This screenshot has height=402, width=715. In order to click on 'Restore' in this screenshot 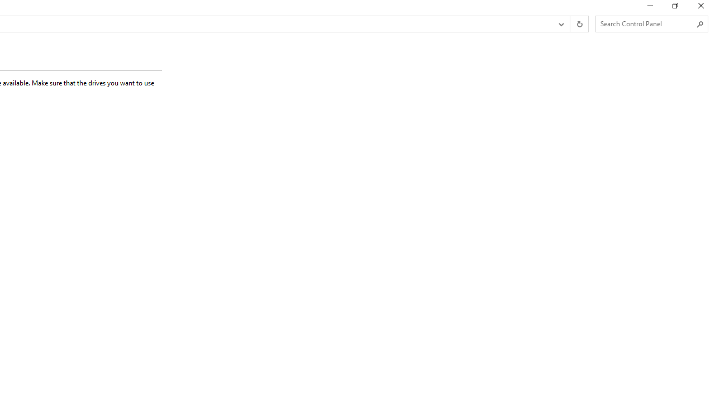, I will do `click(674, 8)`.